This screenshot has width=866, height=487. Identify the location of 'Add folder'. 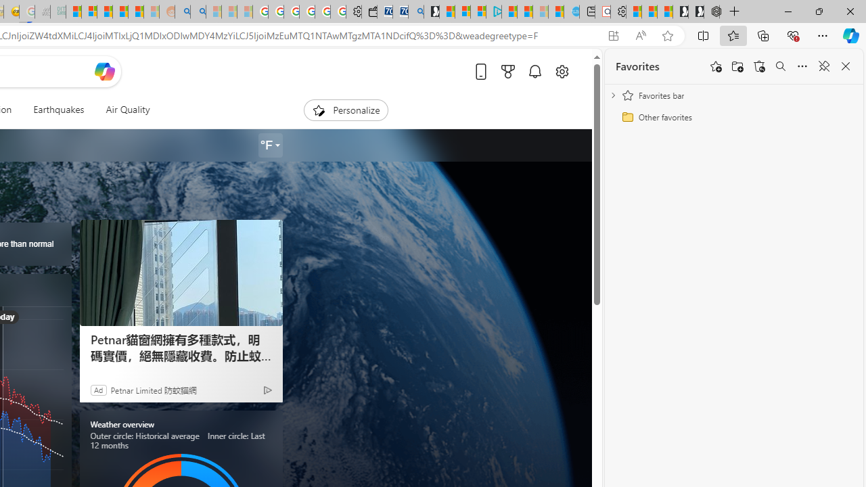
(736, 66).